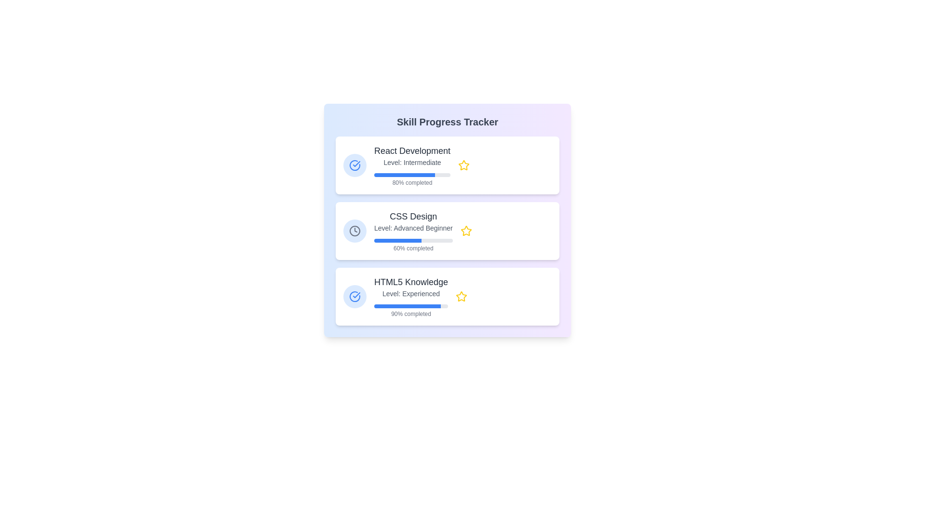 The height and width of the screenshot is (521, 926). What do you see at coordinates (411, 306) in the screenshot?
I see `the visual representation of the progress bar indicating 'HTML5 Knowledge: Level: Experienced', which shows a blue fill against a gray background and is located above the '90% completed' text` at bounding box center [411, 306].